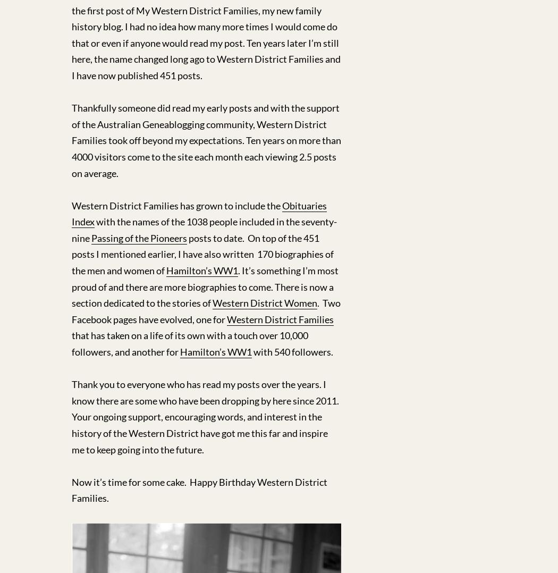  What do you see at coordinates (176, 205) in the screenshot?
I see `'Western District Families has grown to include the'` at bounding box center [176, 205].